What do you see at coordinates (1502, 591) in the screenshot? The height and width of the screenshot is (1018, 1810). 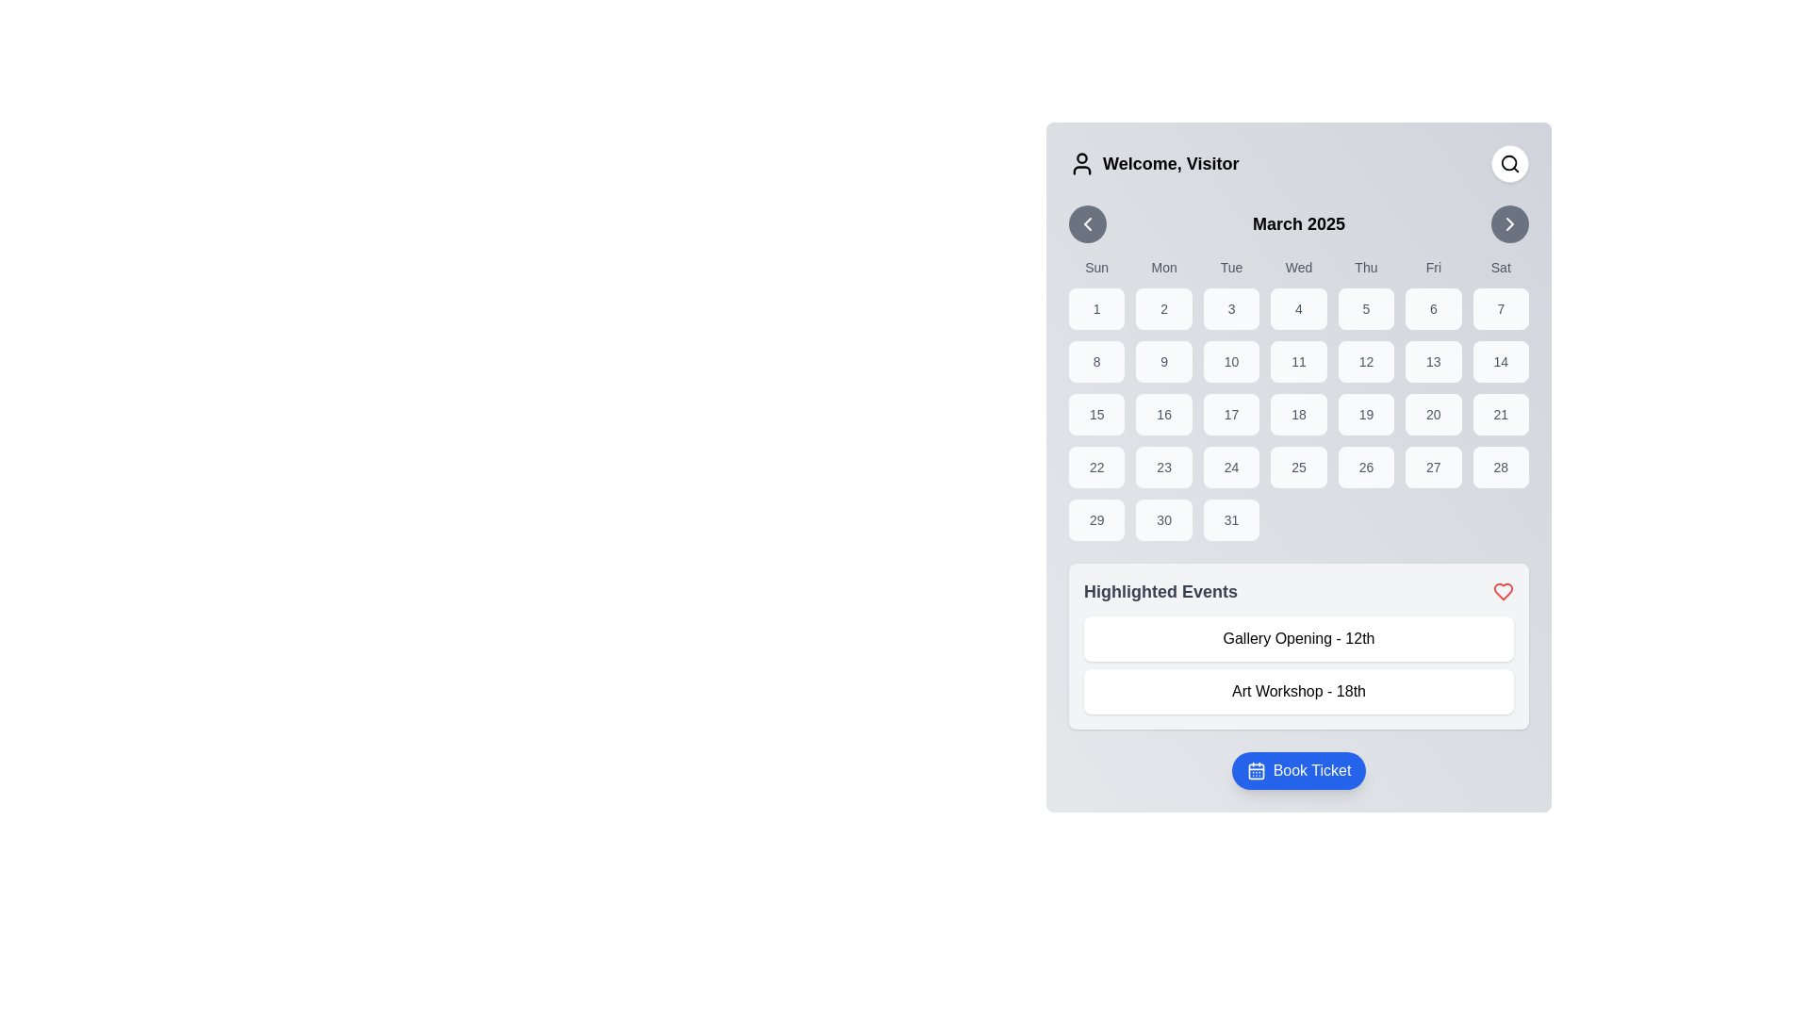 I see `the decorative 'favorite' or 'highlight' icon located at the top-right side of the 'Highlighted Events' header, right of the header text` at bounding box center [1502, 591].